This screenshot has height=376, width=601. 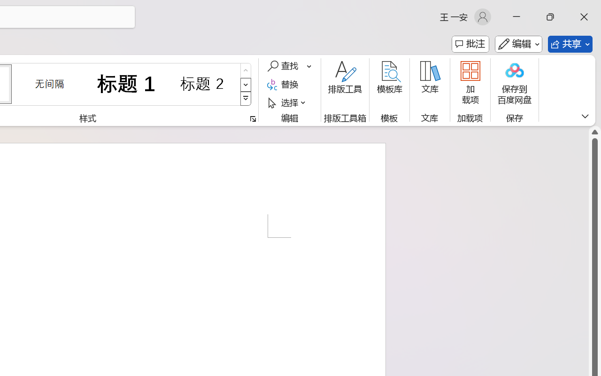 I want to click on 'Class: NetUIImage', so click(x=246, y=99).